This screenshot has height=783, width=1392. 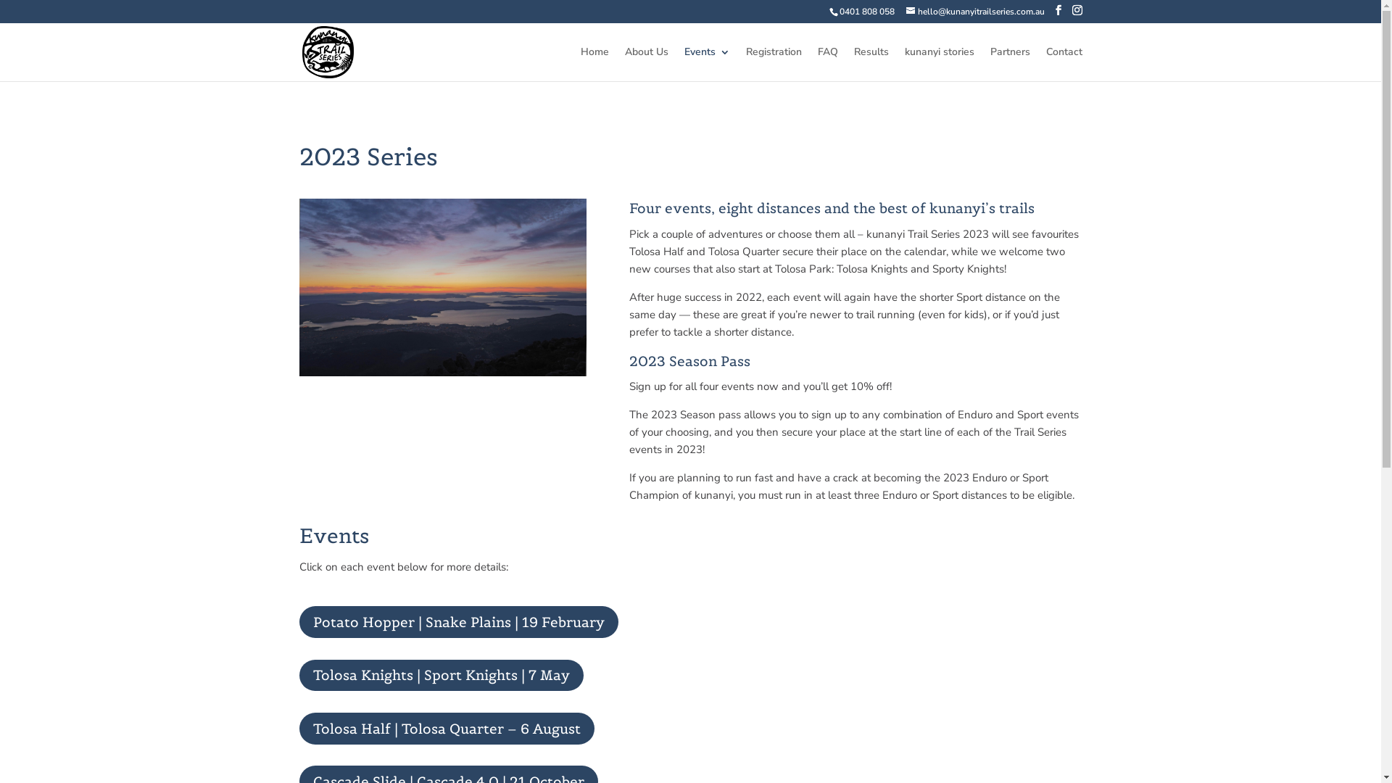 What do you see at coordinates (1009, 63) in the screenshot?
I see `'Partners'` at bounding box center [1009, 63].